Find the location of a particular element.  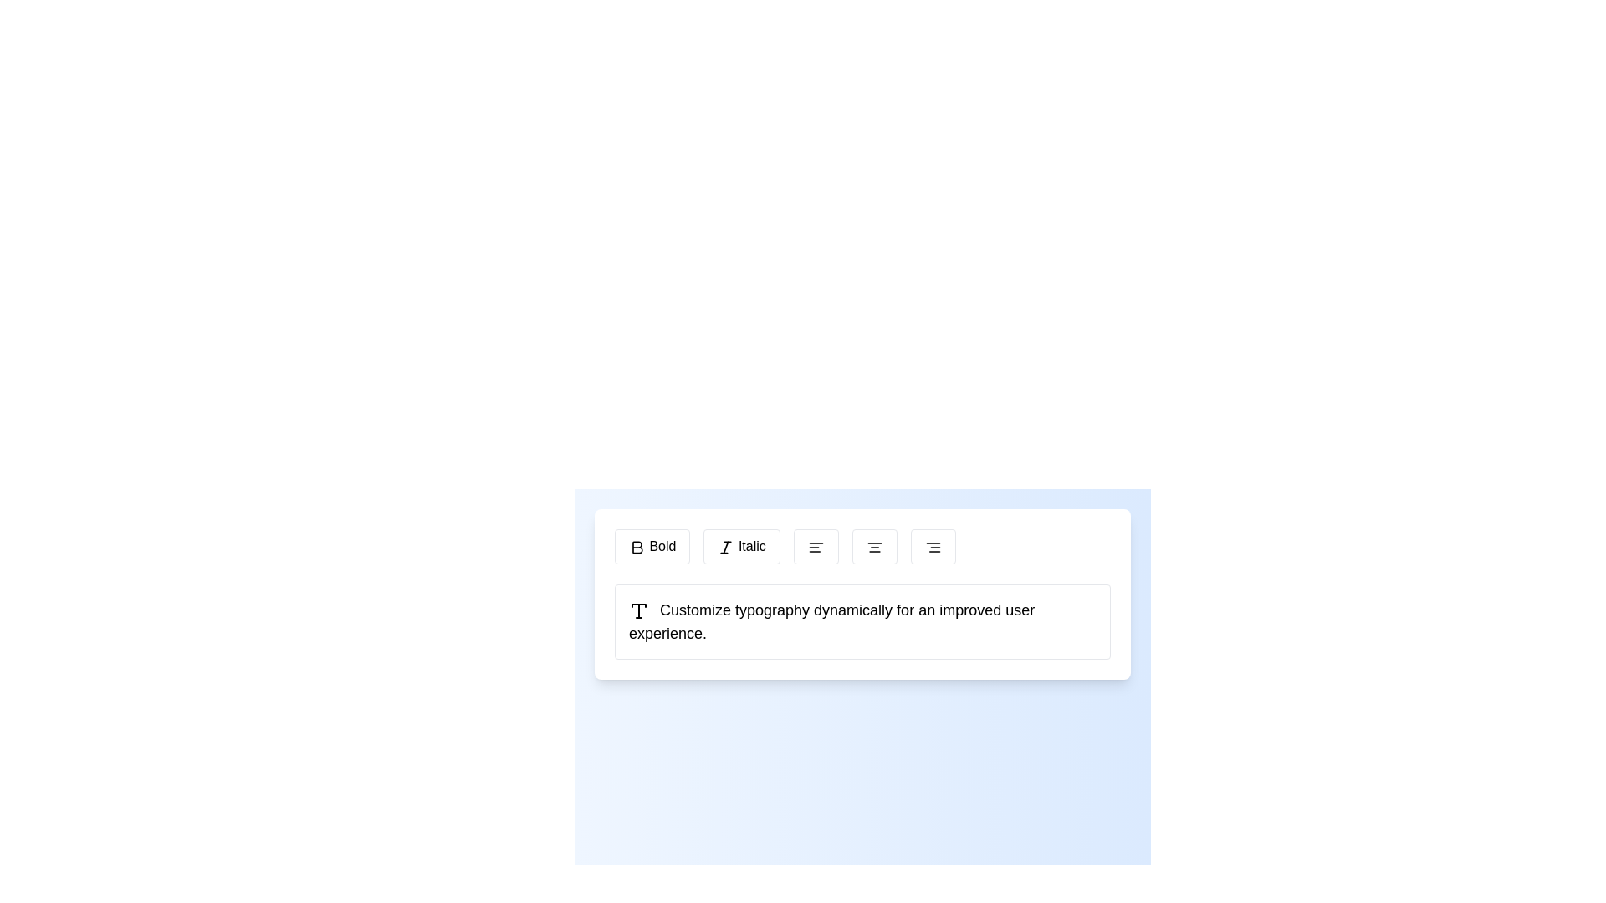

the slanted line within the 'Italic' button of the toolbar, which is the second button from the left in the formatting controls of the text editor is located at coordinates (726, 547).